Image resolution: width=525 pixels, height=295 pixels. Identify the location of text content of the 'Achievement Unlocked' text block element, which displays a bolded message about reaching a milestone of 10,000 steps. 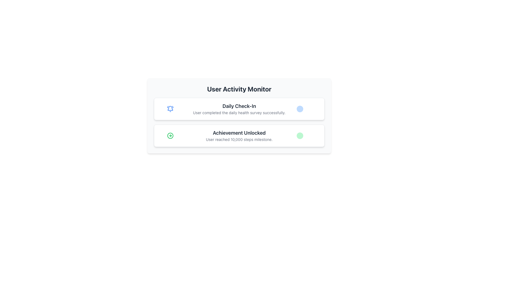
(239, 135).